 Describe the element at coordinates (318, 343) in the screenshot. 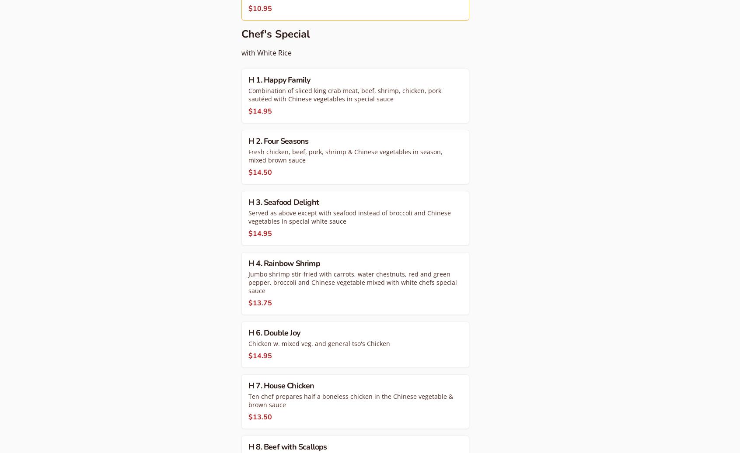

I see `'Chicken w. mixed veg. and general tso's Chicken'` at that location.